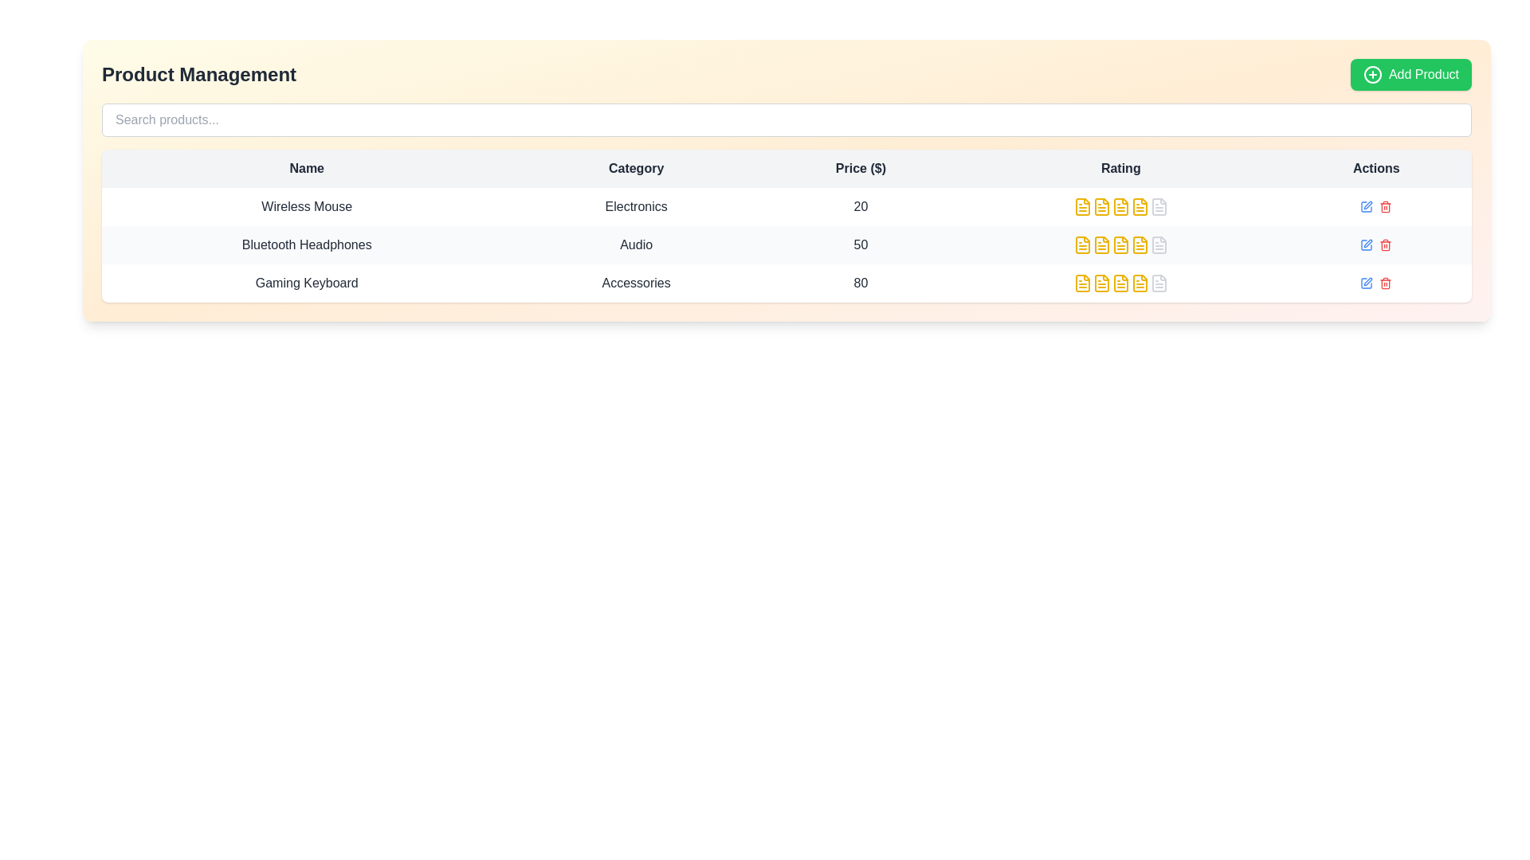 Image resolution: width=1530 pixels, height=860 pixels. I want to click on the yellow document icon with a filled circle in the center, located in the 'Rating' column of the middle row for the Bluetooth Headphones product entry, so click(1139, 205).